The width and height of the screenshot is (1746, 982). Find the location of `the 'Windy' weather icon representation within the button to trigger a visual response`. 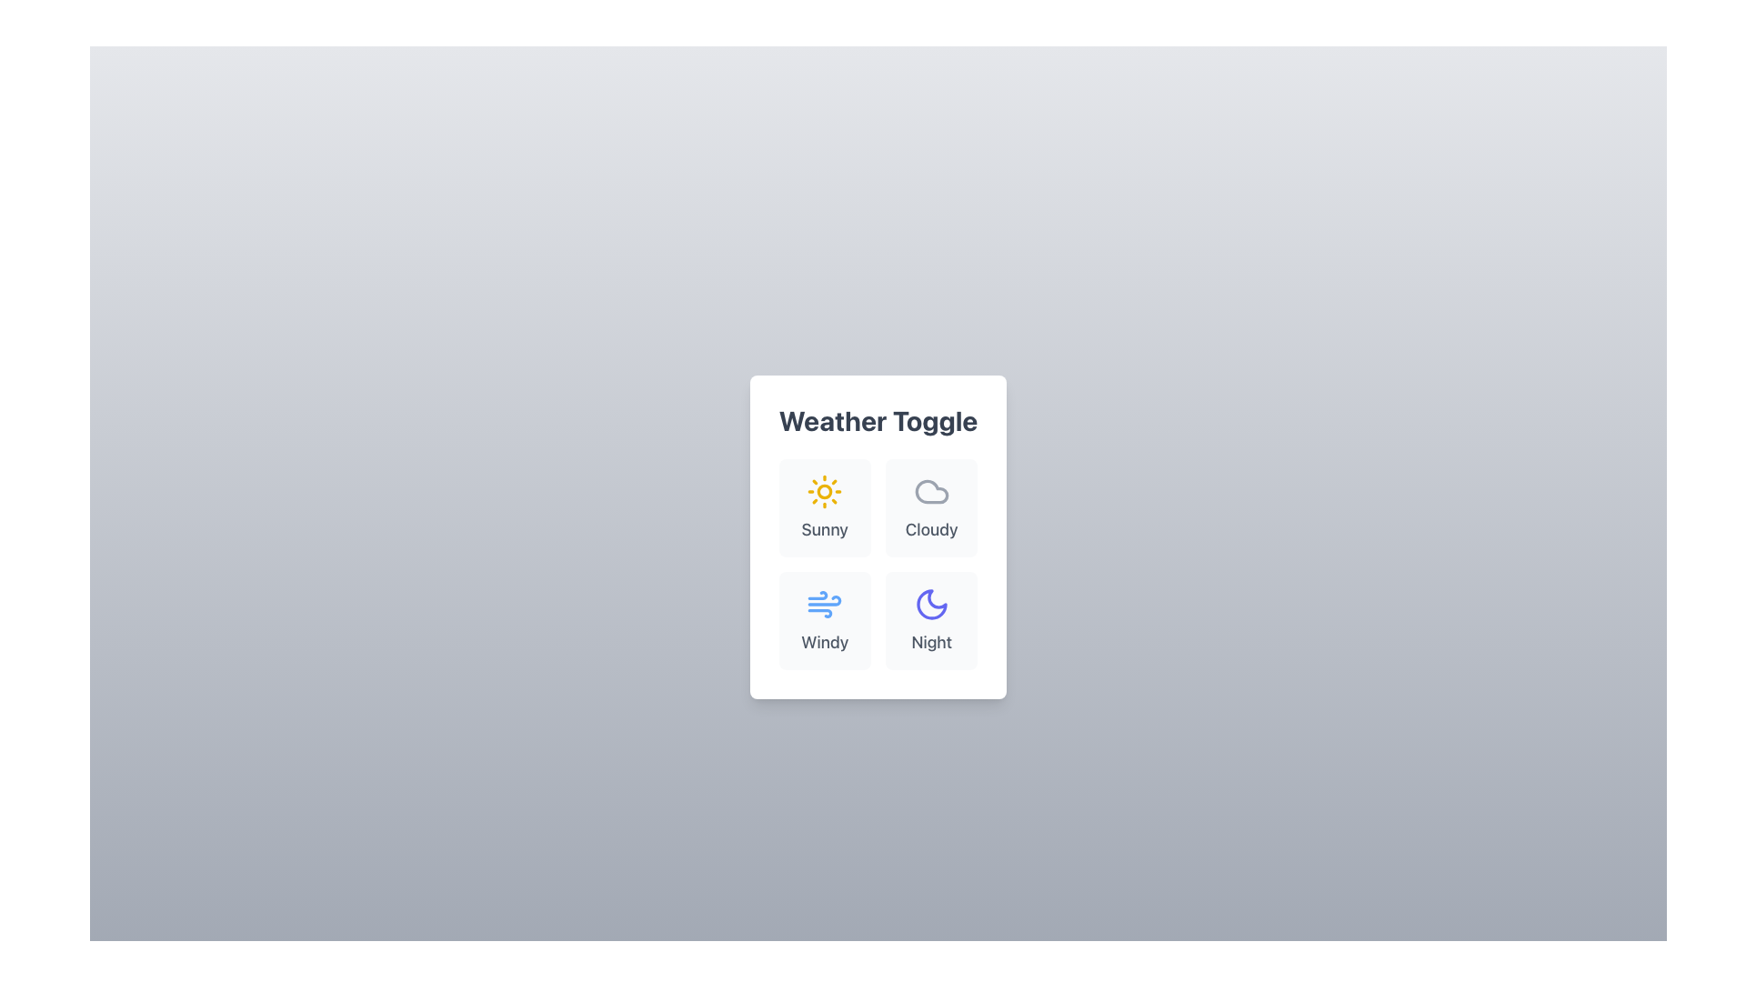

the 'Windy' weather icon representation within the button to trigger a visual response is located at coordinates (824, 604).